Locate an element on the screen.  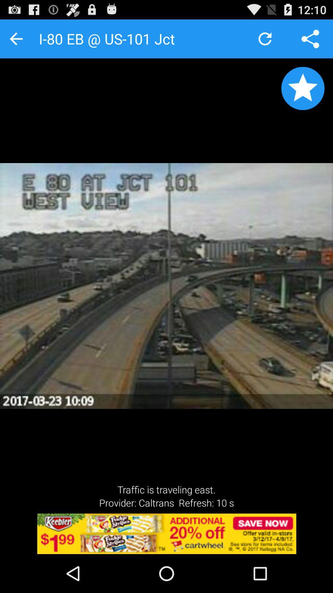
the option is located at coordinates (166, 533).